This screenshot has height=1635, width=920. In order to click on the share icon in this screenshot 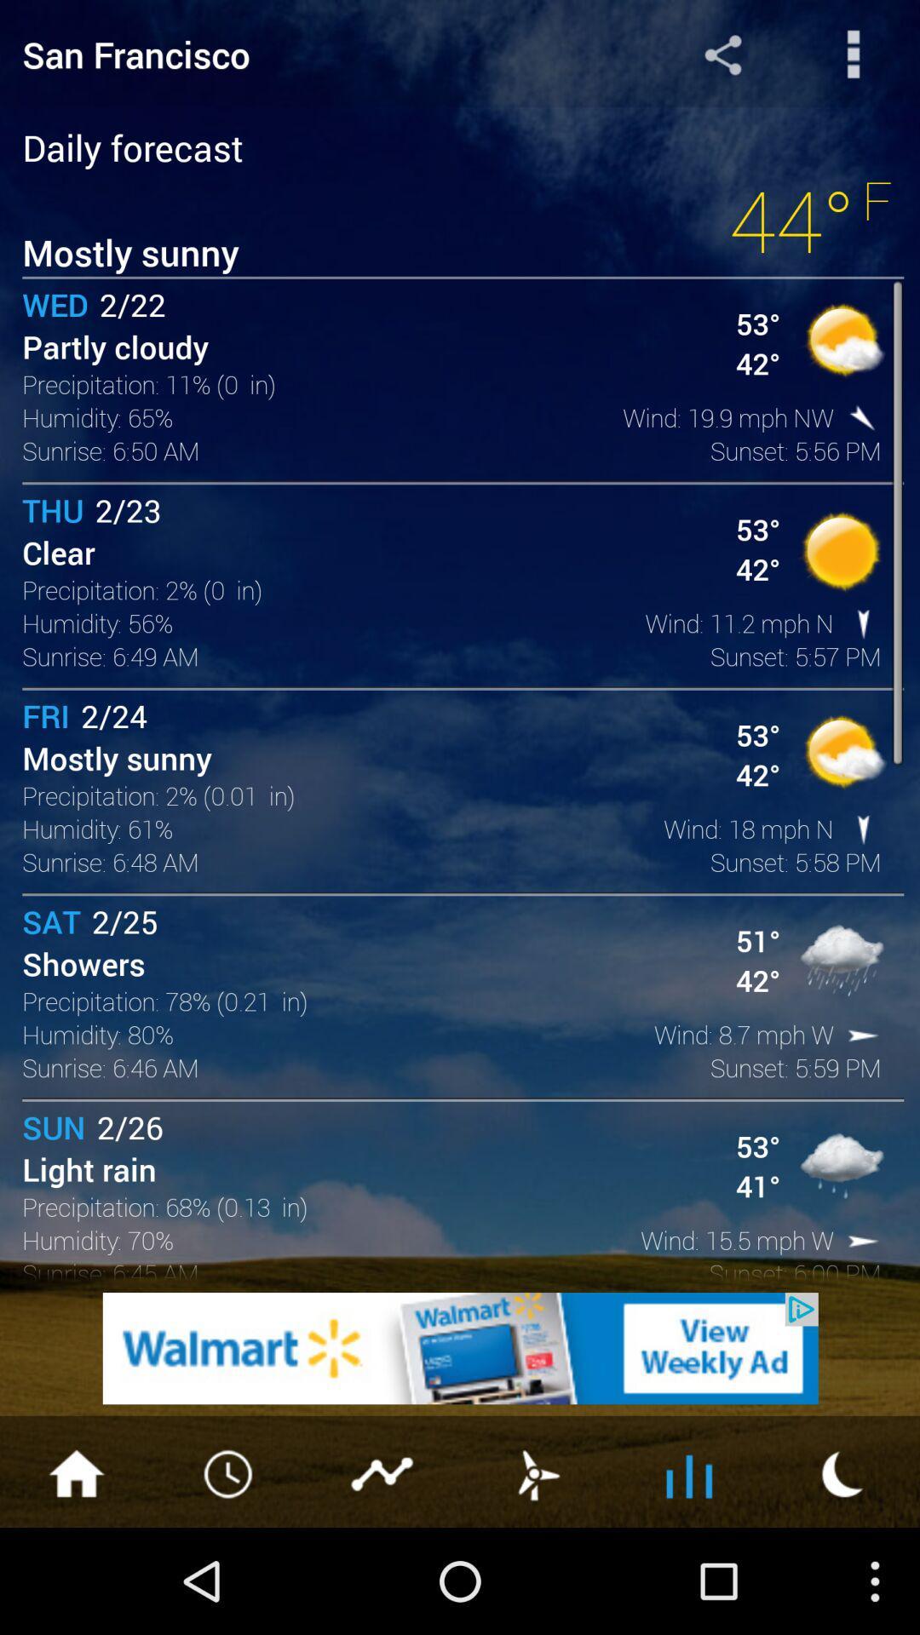, I will do `click(722, 58)`.